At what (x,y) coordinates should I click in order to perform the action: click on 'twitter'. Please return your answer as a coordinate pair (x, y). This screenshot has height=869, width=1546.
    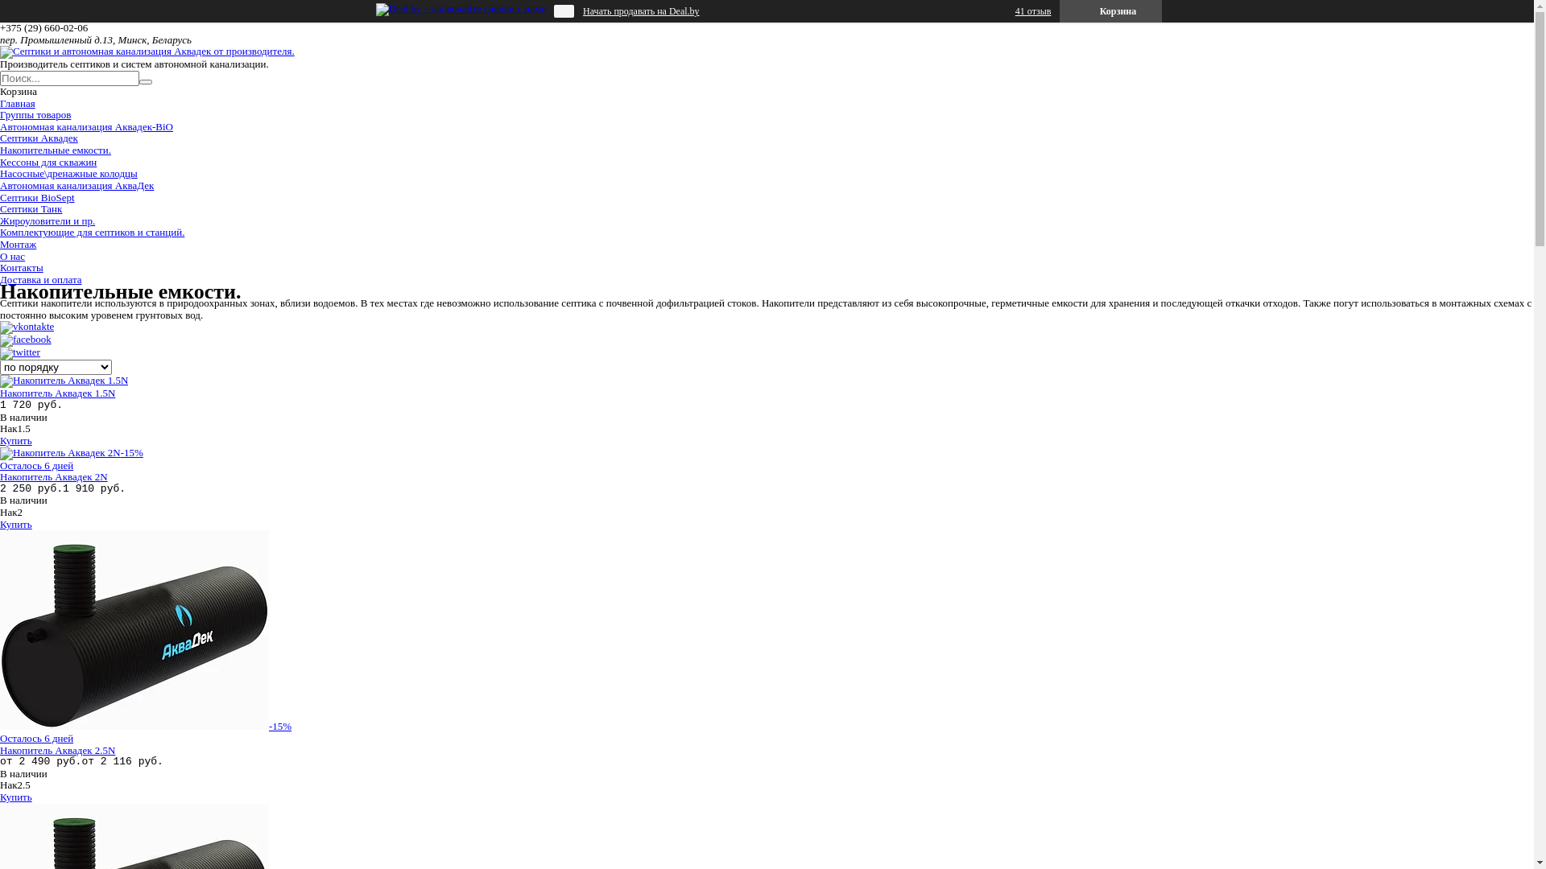
    Looking at the image, I should click on (19, 351).